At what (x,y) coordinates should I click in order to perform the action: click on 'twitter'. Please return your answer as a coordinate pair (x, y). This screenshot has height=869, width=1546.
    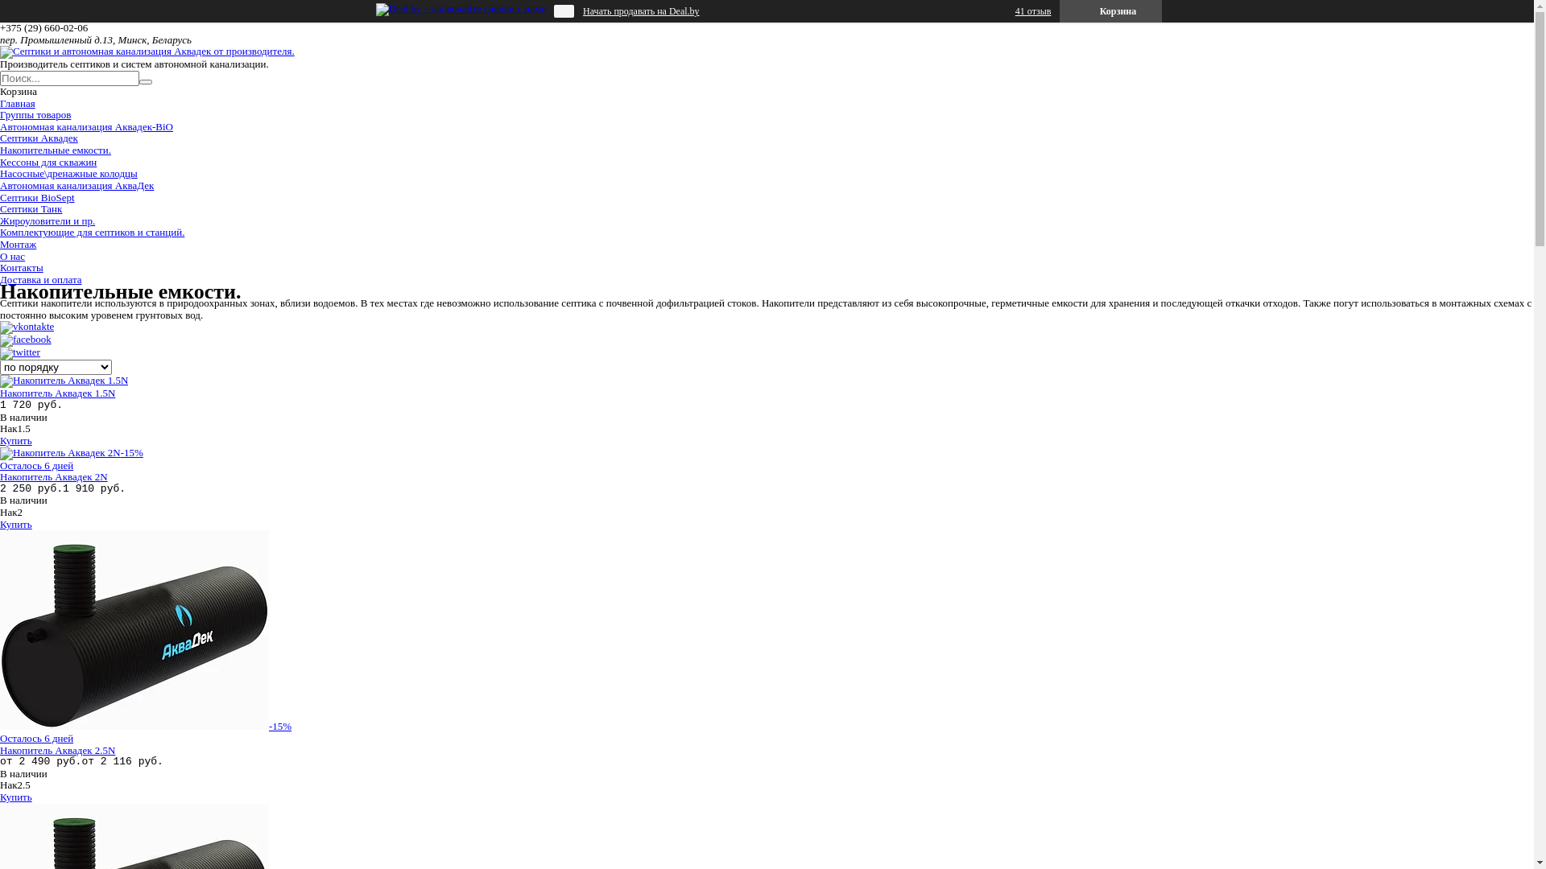
    Looking at the image, I should click on (19, 351).